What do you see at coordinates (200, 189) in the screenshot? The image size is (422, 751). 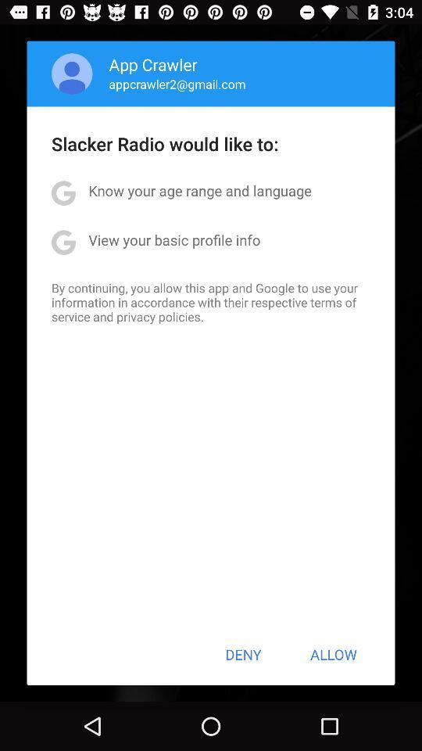 I see `icon below slacker radio would icon` at bounding box center [200, 189].